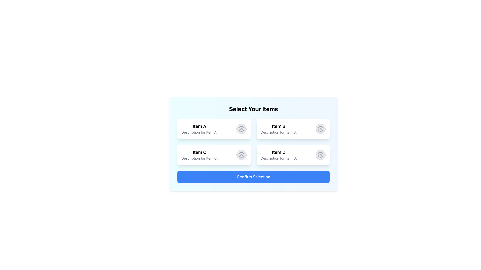 This screenshot has height=270, width=481. I want to click on the text label displaying 'Item C', which is styled with a larger font size and bold appearance, located in the bottom-left quadrant of a grid layout under the header 'Select Your Items', so click(199, 152).